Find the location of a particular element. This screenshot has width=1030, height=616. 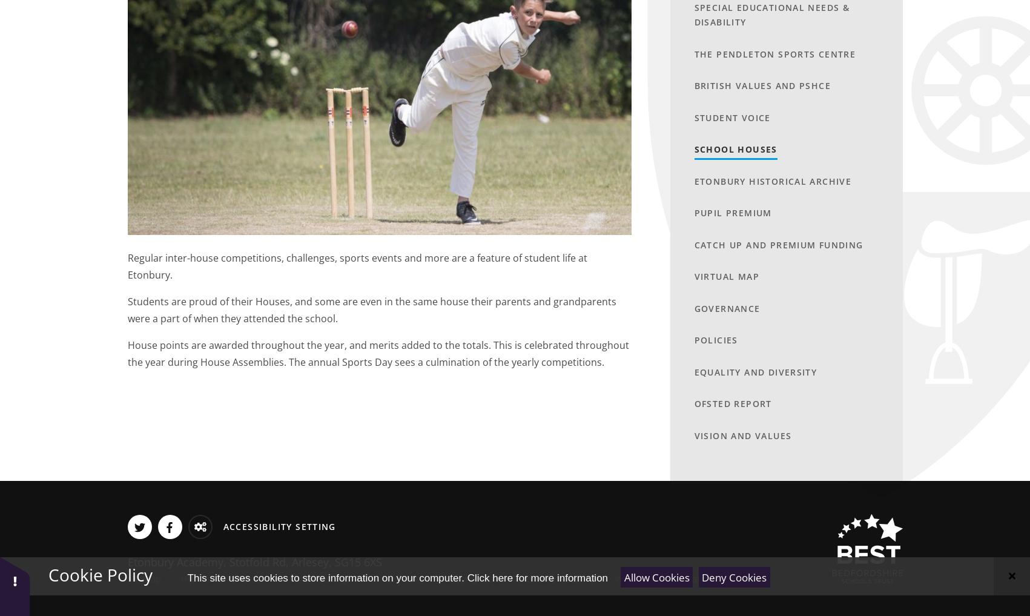

'Special Educational Needs & Disability' is located at coordinates (771, 14).